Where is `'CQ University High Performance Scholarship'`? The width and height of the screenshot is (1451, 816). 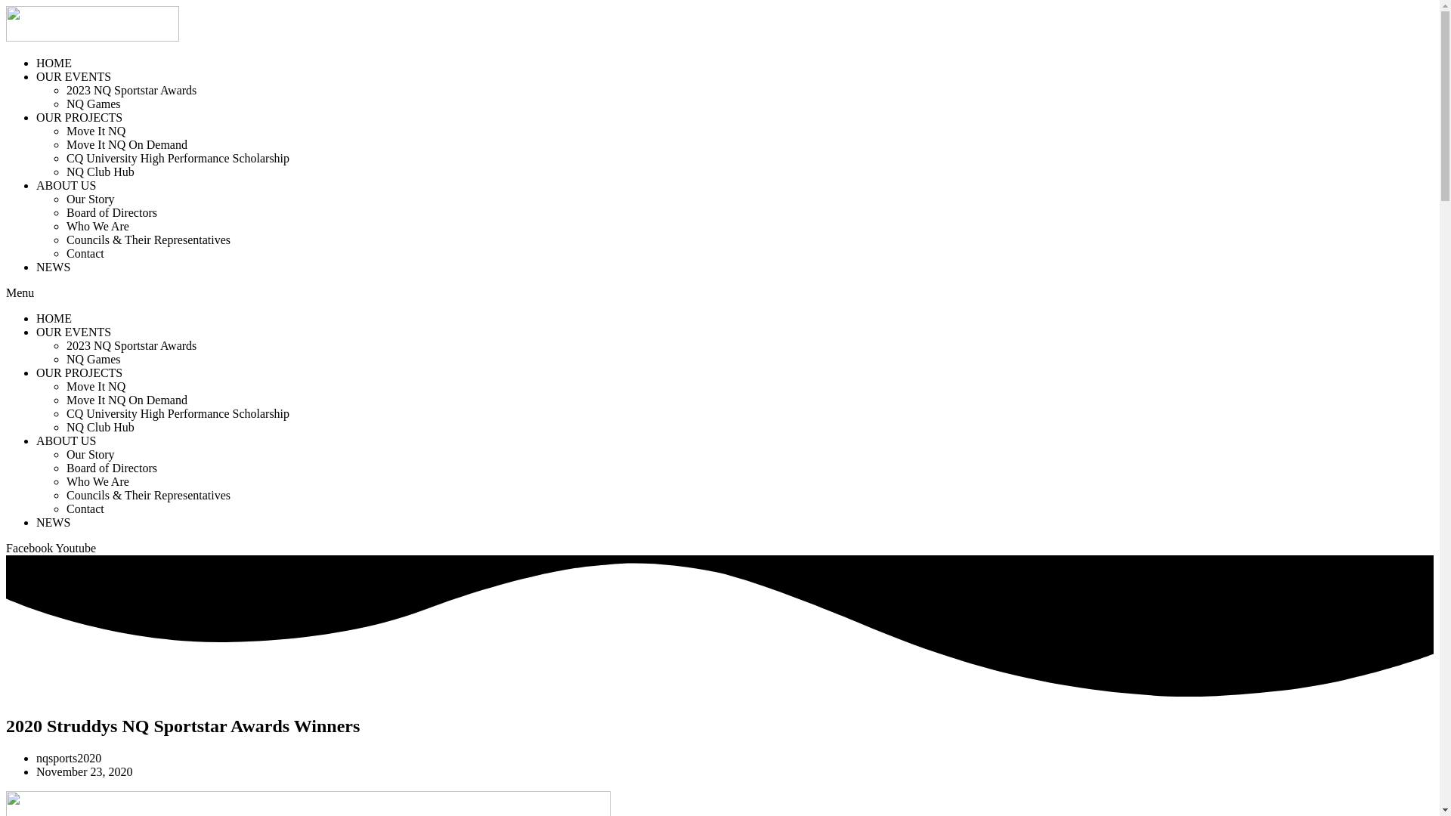
'CQ University High Performance Scholarship' is located at coordinates (178, 158).